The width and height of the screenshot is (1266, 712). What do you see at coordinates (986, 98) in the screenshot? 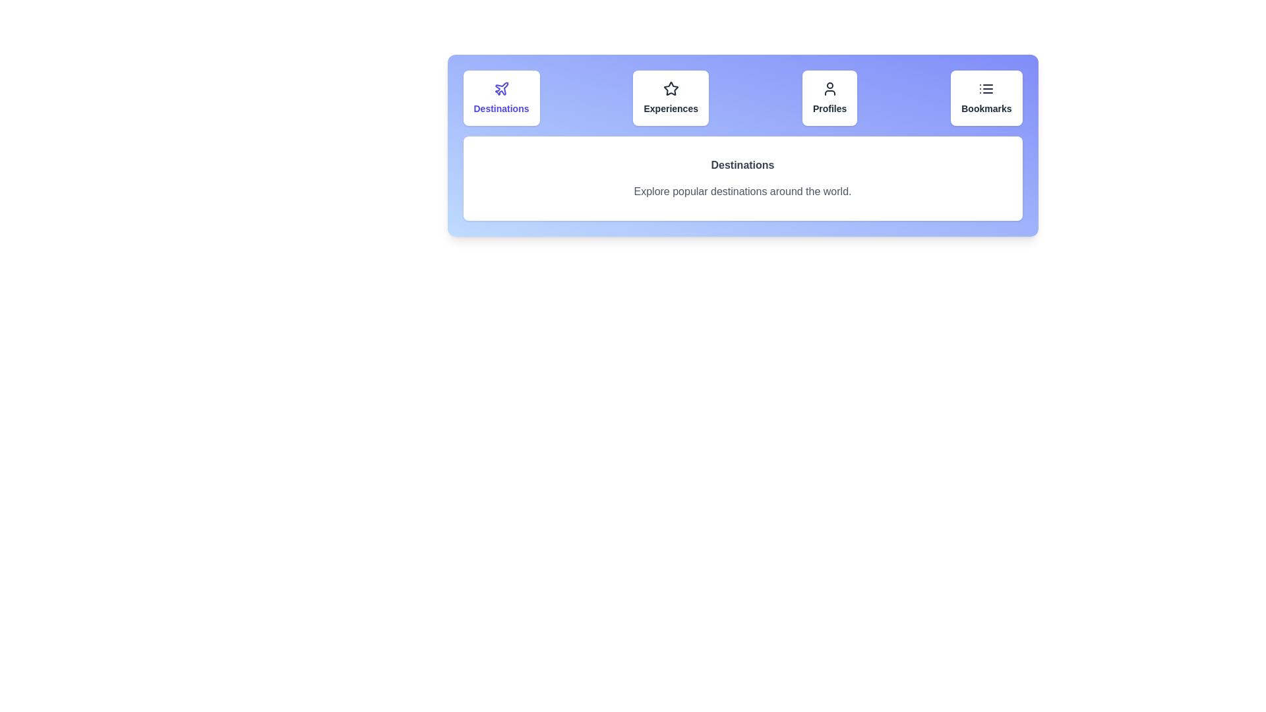
I see `the Bookmarks tab to view its content` at bounding box center [986, 98].